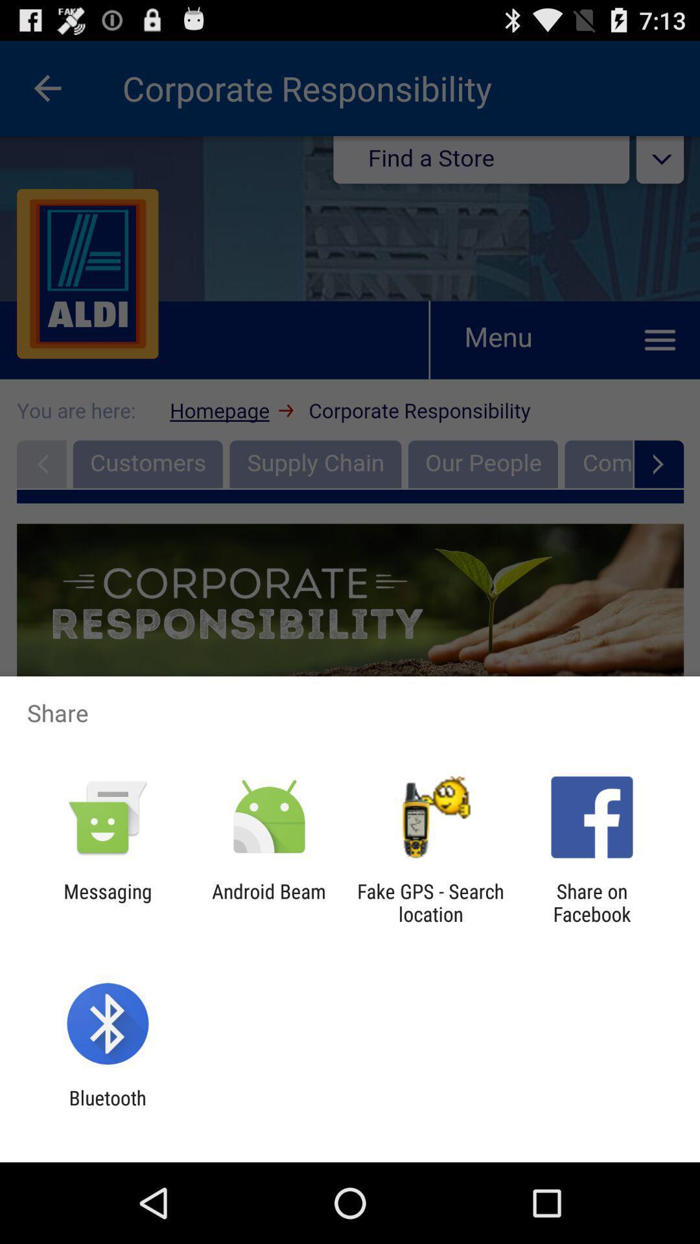 This screenshot has width=700, height=1244. Describe the element at coordinates (268, 902) in the screenshot. I see `android beam app` at that location.